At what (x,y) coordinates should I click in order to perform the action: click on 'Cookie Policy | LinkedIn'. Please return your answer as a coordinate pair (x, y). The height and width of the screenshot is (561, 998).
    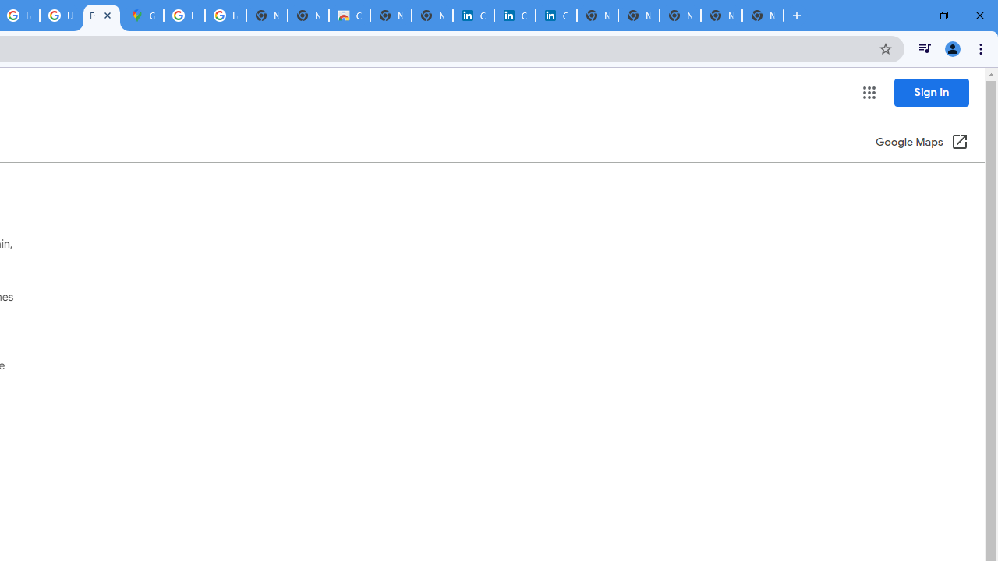
    Looking at the image, I should click on (472, 16).